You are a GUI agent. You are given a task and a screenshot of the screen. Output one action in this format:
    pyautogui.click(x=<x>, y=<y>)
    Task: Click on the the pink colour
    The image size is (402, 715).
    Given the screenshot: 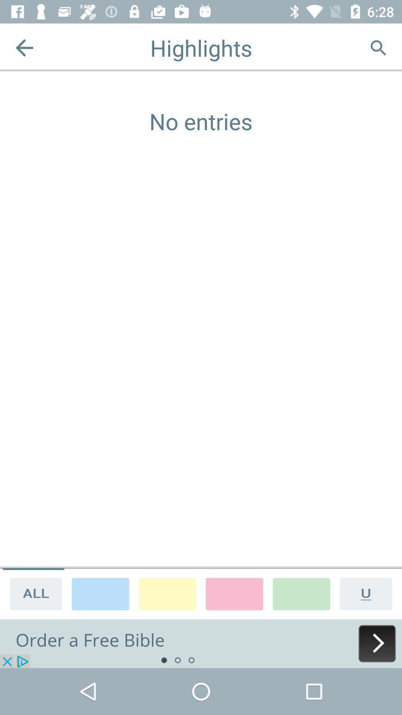 What is the action you would take?
    pyautogui.click(x=234, y=593)
    